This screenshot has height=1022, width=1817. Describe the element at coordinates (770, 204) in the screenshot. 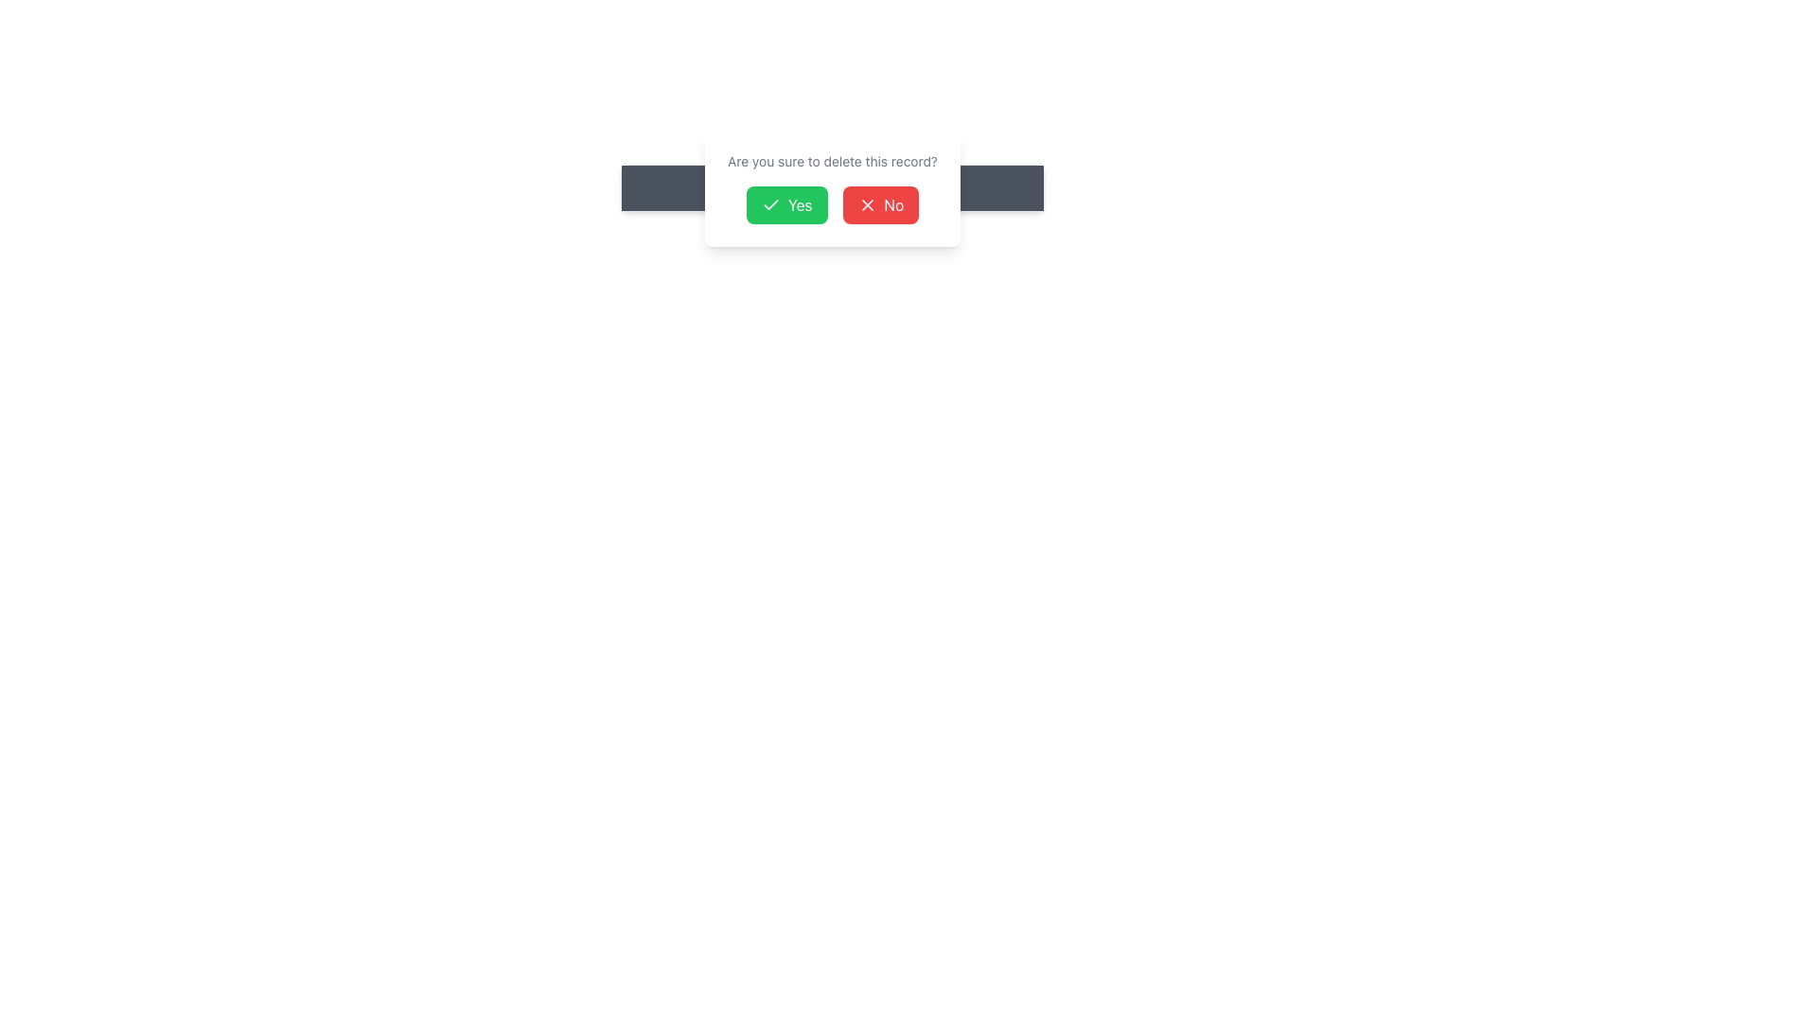

I see `the checkmark SVG icon within the green 'Yes' button for visual confirmation` at that location.